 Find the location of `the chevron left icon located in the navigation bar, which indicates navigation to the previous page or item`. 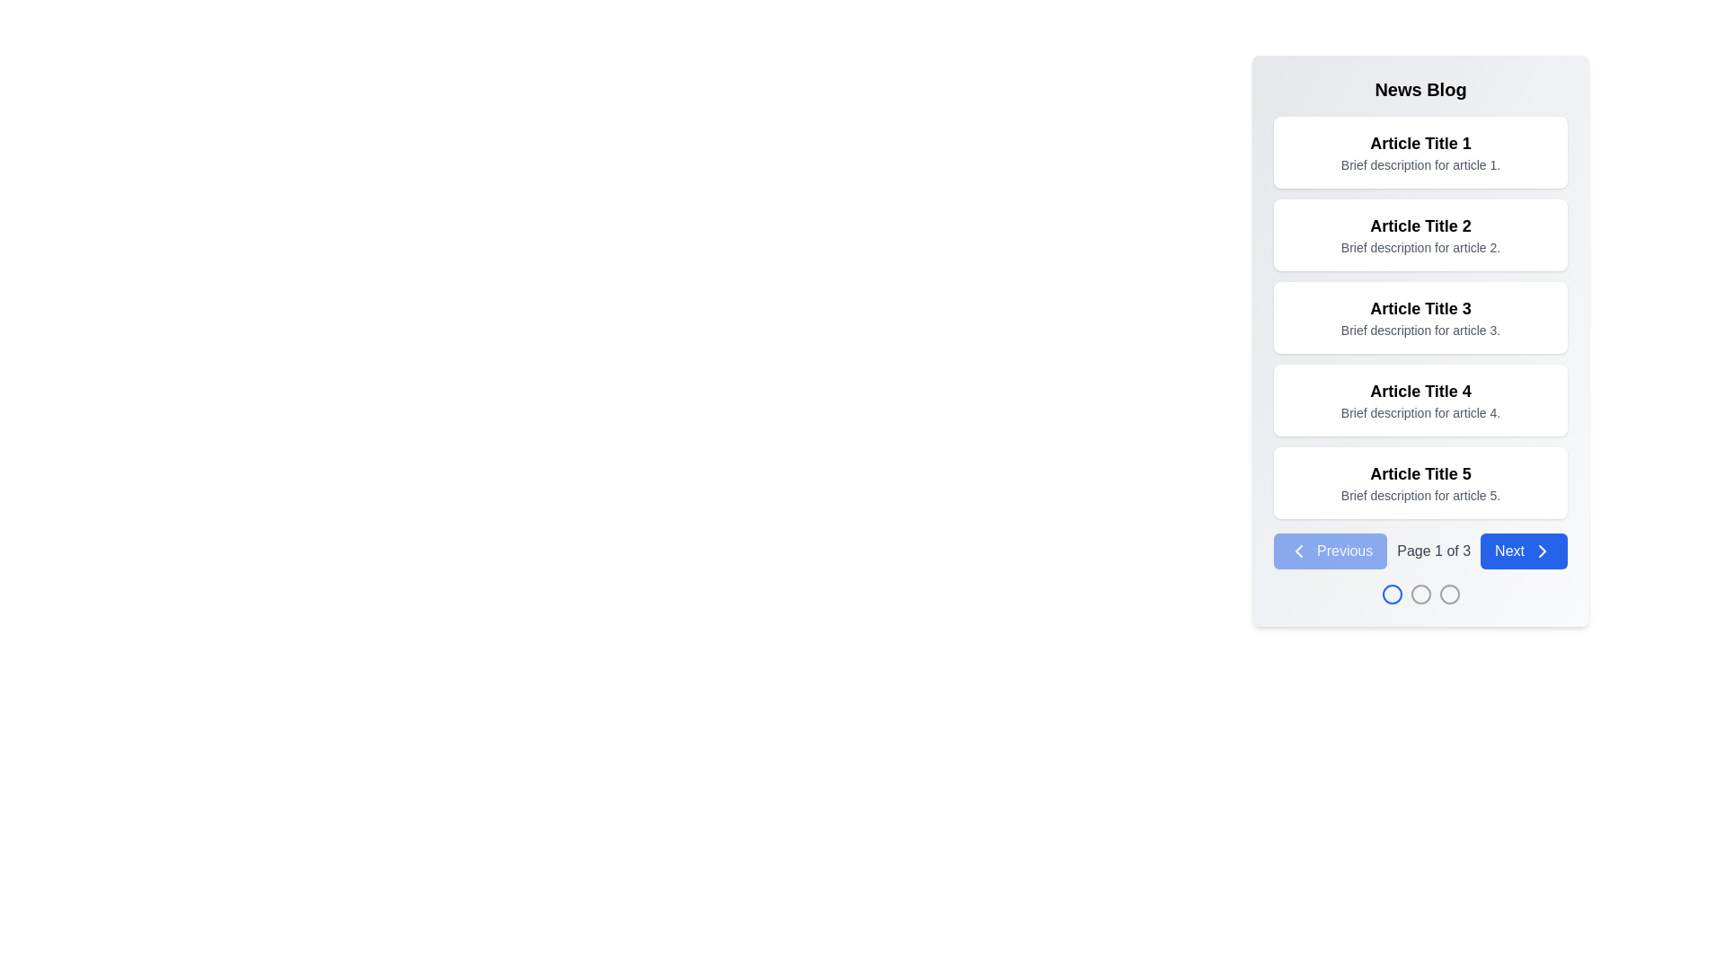

the chevron left icon located in the navigation bar, which indicates navigation to the previous page or item is located at coordinates (1298, 550).